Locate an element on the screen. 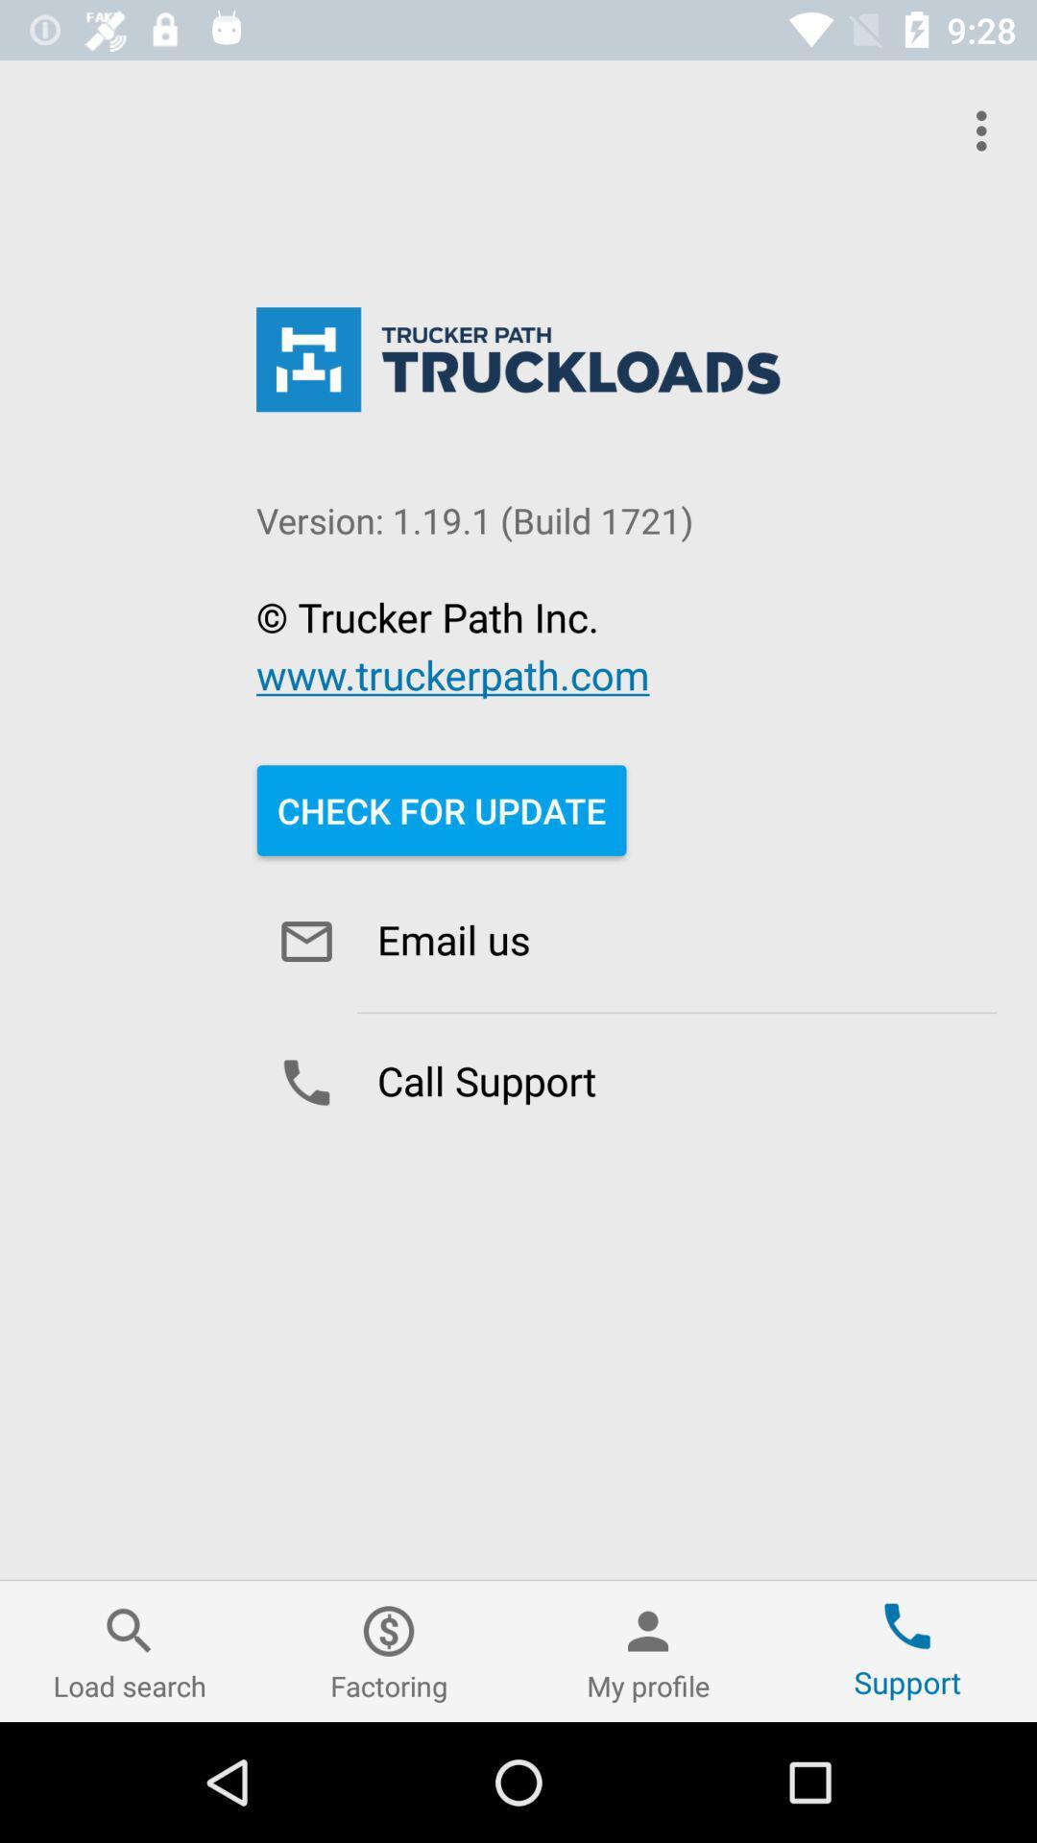 The height and width of the screenshot is (1843, 1037). the check for update icon is located at coordinates (442, 810).